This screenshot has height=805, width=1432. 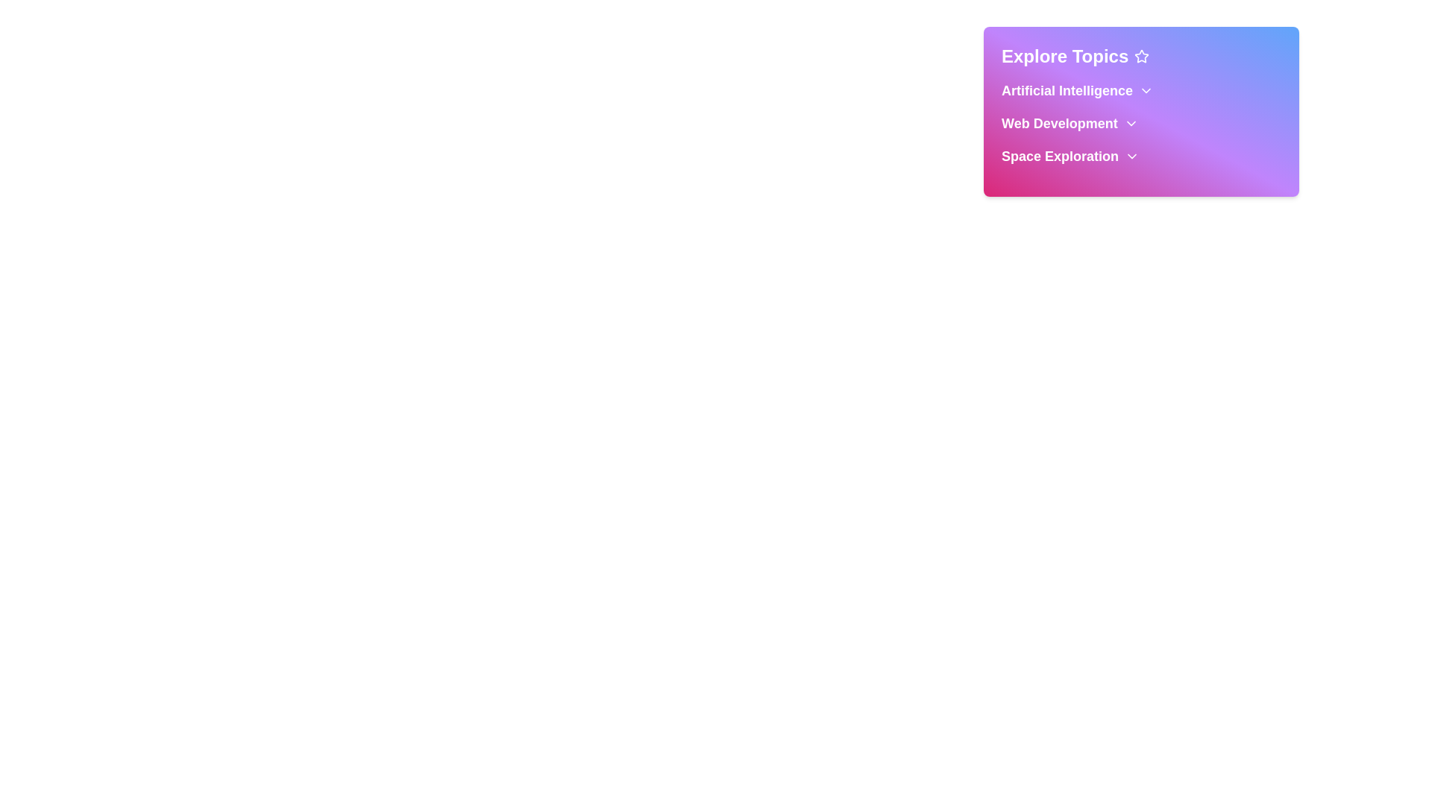 I want to click on the Dropdown Selector labeled 'Artificial Intelligence' with a purple-to-pink gradient background, so click(x=1140, y=91).